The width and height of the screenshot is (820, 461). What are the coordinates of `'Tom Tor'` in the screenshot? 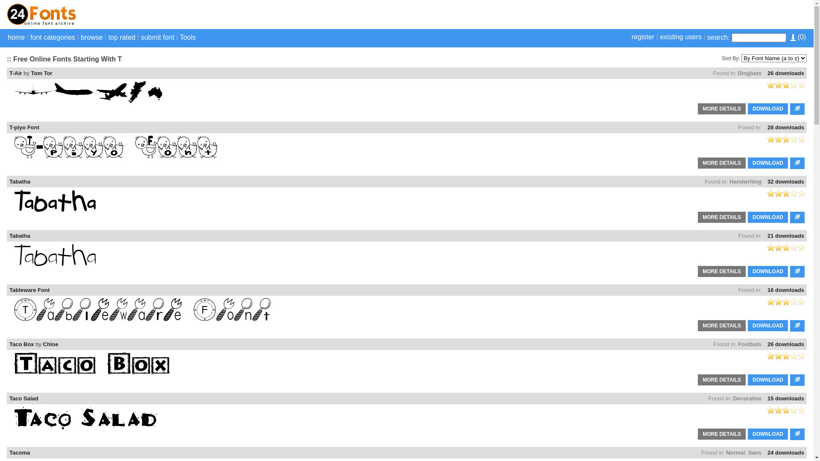 It's located at (41, 73).